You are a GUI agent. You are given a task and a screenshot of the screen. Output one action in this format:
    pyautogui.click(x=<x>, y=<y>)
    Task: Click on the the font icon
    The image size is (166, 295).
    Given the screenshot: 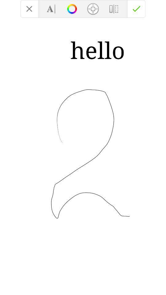 What is the action you would take?
    pyautogui.click(x=51, y=8)
    